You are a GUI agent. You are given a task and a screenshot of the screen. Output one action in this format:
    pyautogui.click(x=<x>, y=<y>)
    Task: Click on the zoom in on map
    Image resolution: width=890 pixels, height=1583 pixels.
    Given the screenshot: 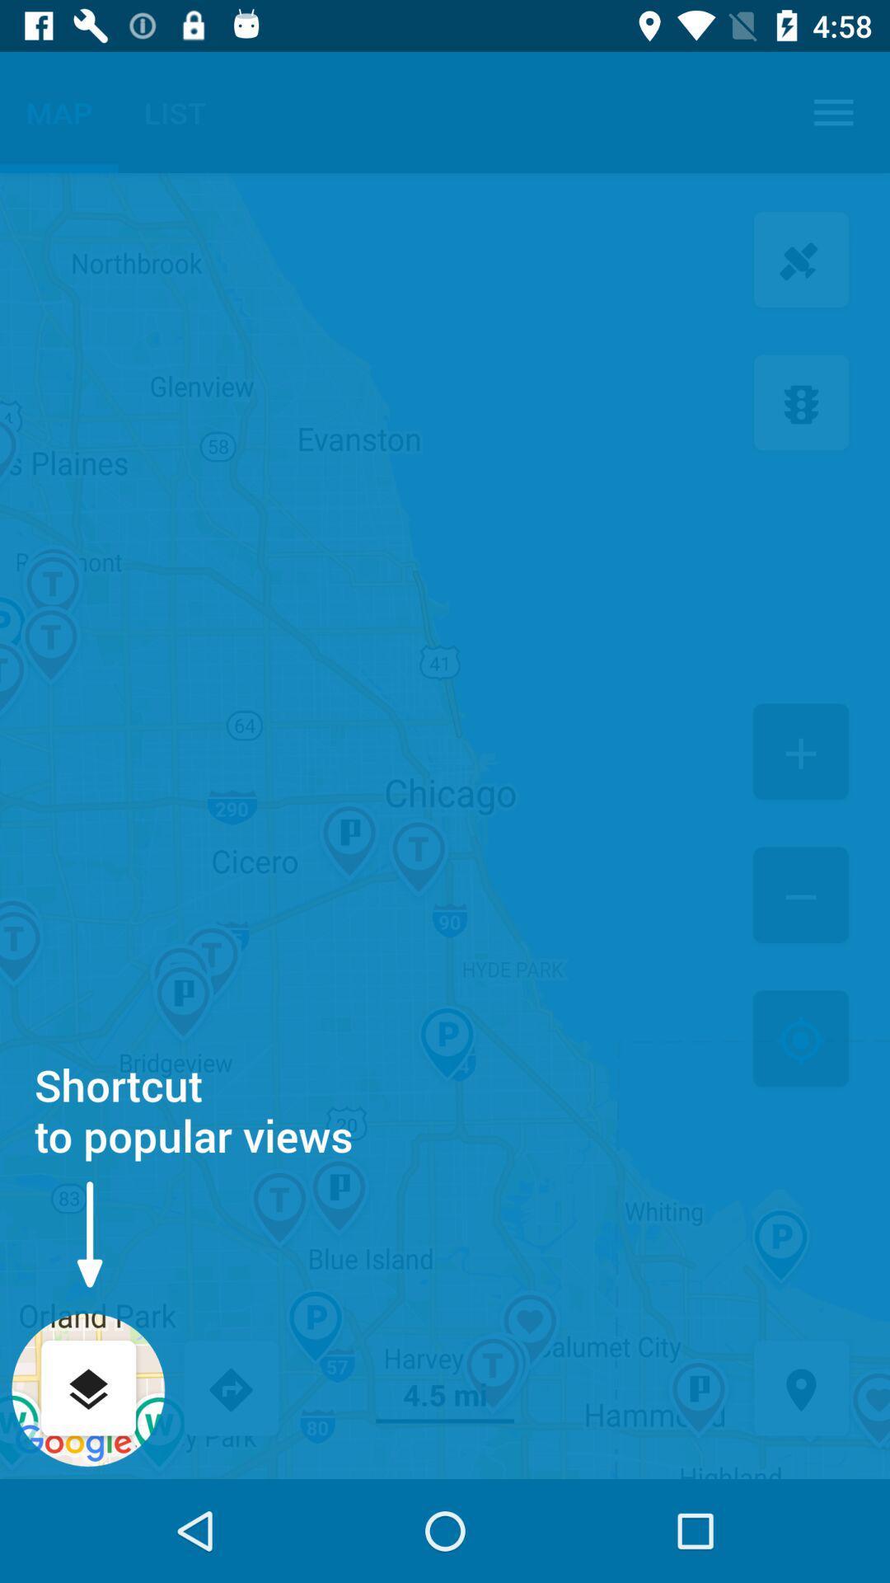 What is the action you would take?
    pyautogui.click(x=800, y=753)
    